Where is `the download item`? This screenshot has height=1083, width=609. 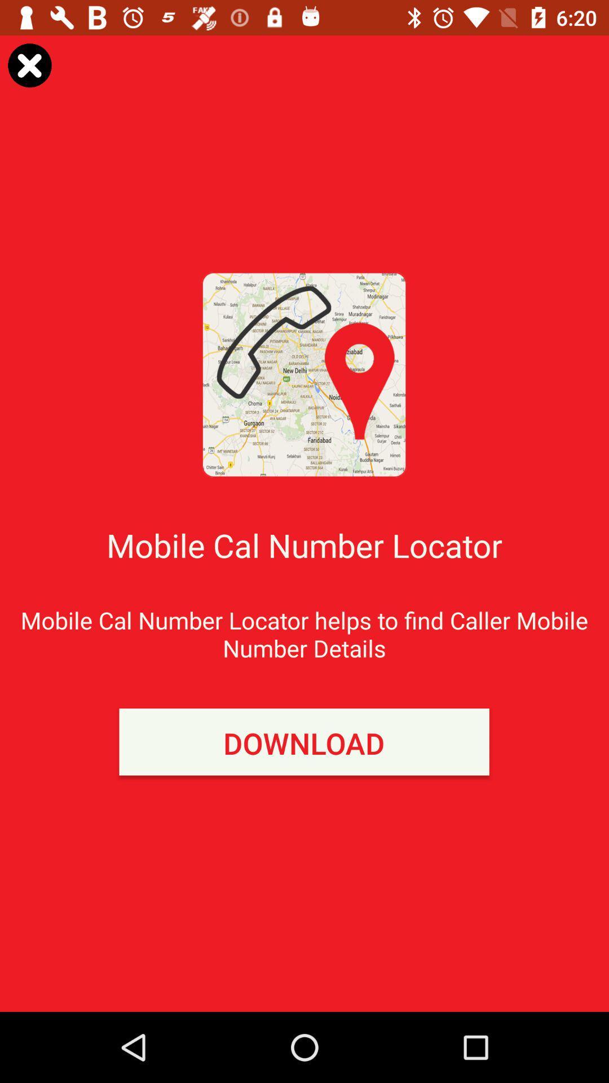
the download item is located at coordinates (303, 742).